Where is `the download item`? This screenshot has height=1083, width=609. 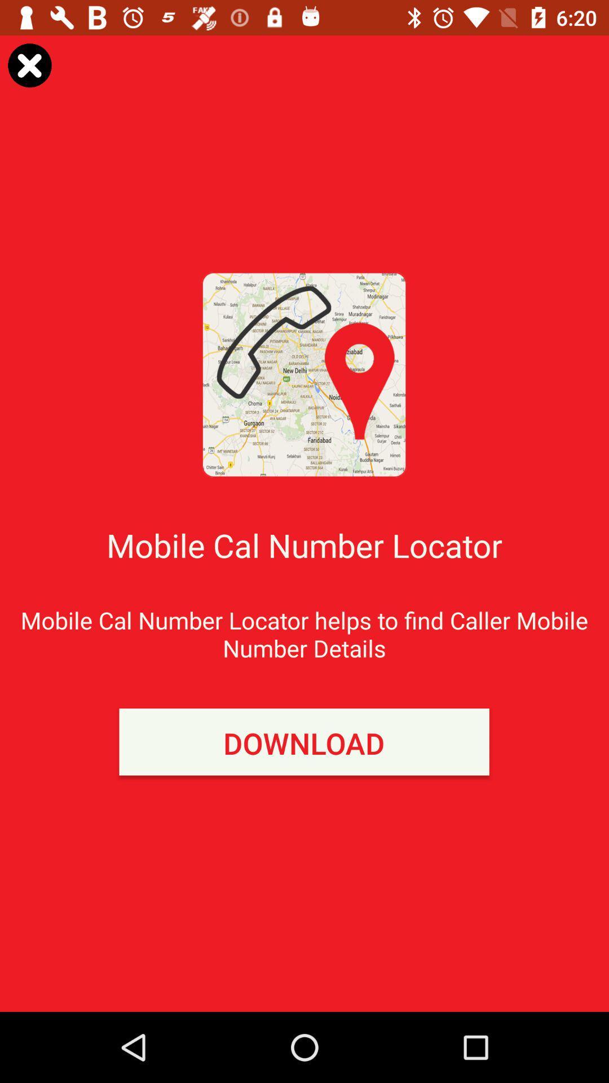
the download item is located at coordinates (303, 742).